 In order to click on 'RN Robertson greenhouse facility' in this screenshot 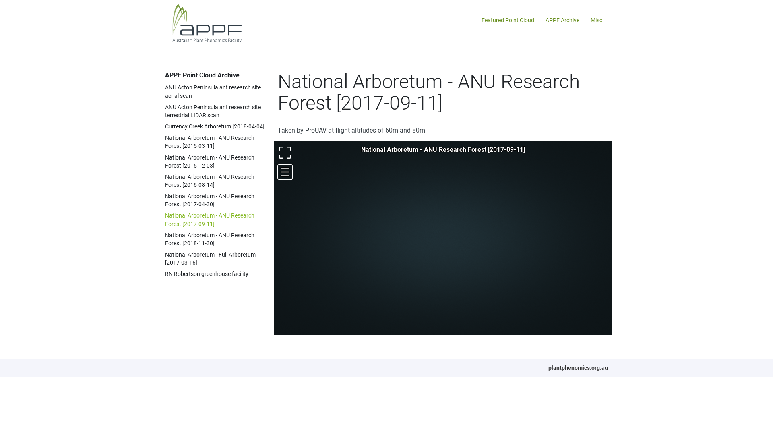, I will do `click(164, 273)`.